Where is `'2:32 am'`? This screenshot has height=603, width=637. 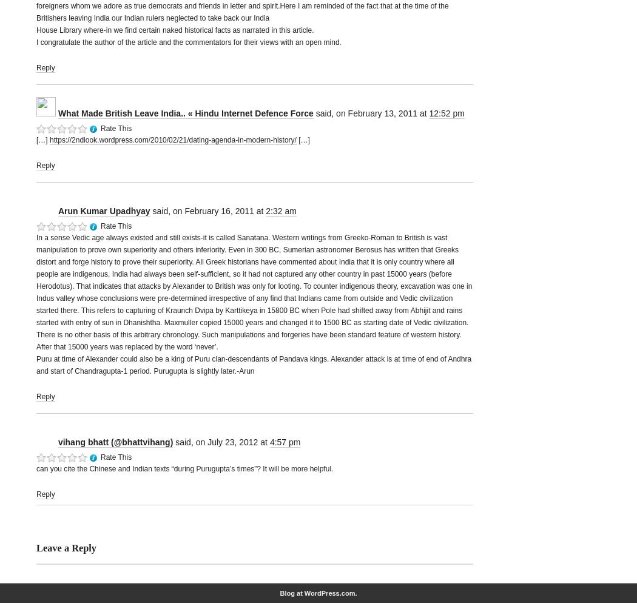
'2:32 am' is located at coordinates (265, 210).